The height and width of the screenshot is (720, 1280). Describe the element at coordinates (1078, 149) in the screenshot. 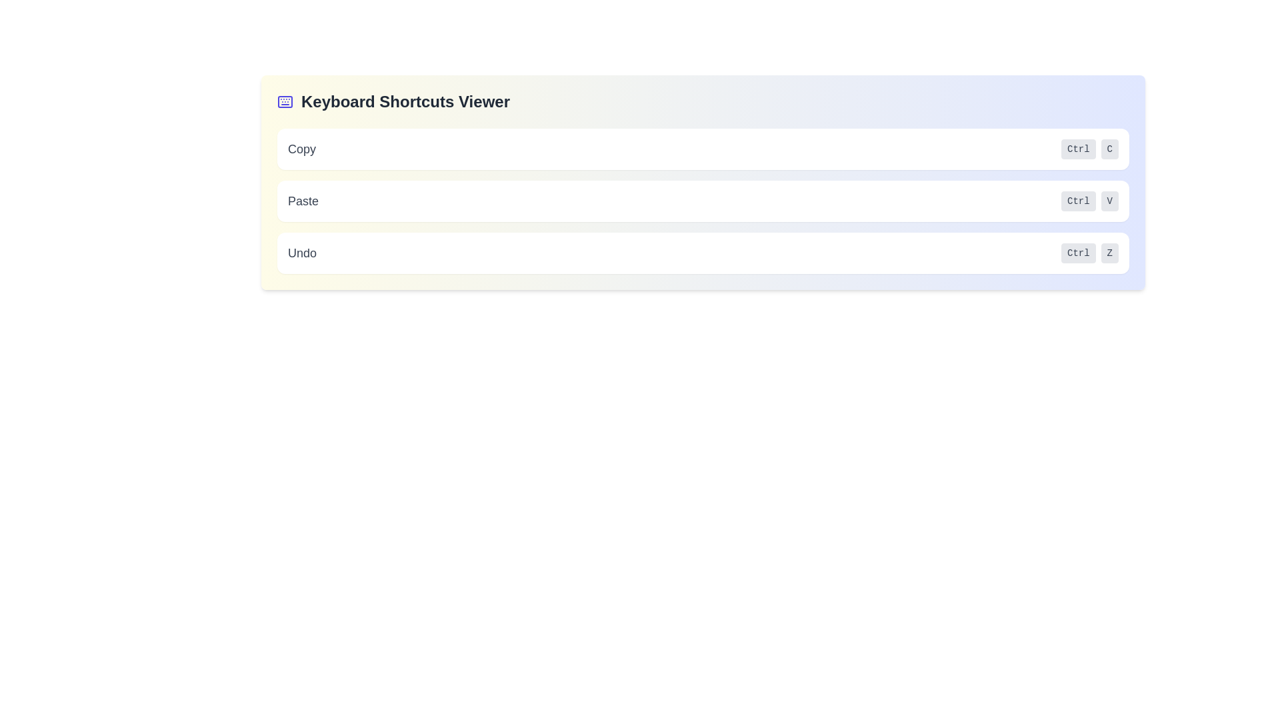

I see `'Ctrl' keyboard shortcut label, which is the first component in the horizontal group of the 'Copy' shortcut row in the 'Keyboard Shortcuts Viewer'` at that location.